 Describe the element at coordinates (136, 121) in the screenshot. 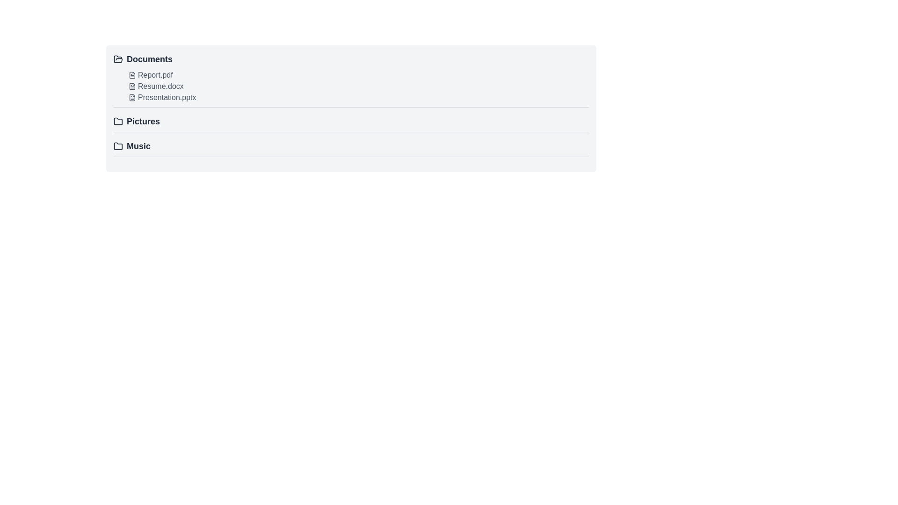

I see `the Clickable folder entry labeled 'Pictures' with a folder icon on its left` at that location.